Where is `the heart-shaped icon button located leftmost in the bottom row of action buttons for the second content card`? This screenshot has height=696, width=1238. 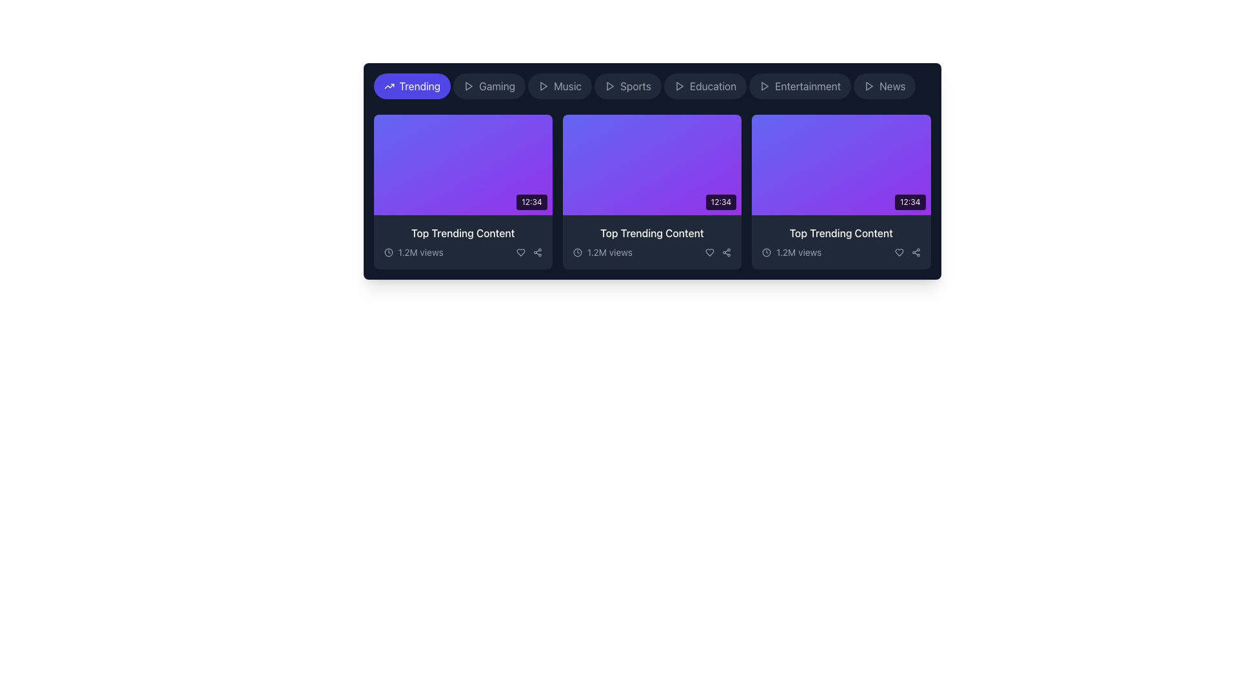
the heart-shaped icon button located leftmost in the bottom row of action buttons for the second content card is located at coordinates (709, 252).